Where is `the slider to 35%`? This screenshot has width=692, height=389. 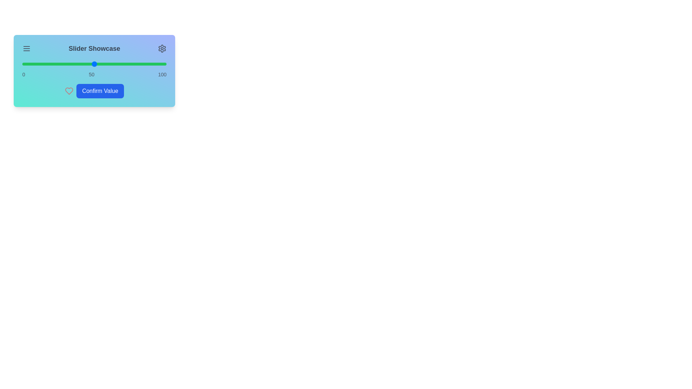
the slider to 35% is located at coordinates (72, 63).